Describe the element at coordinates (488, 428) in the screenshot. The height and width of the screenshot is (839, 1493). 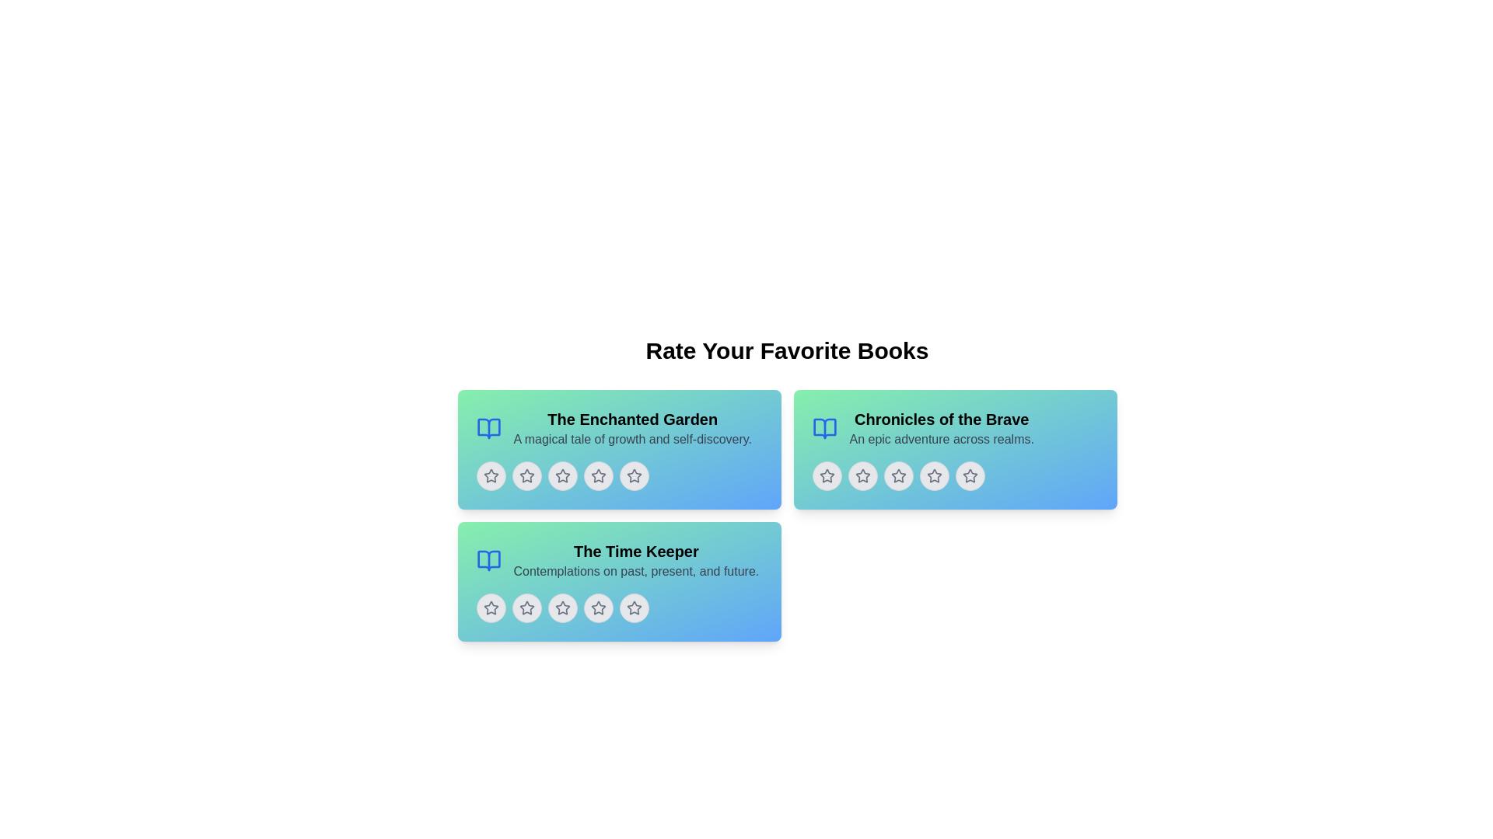
I see `the blue outlined book icon representing 'The Enchanted Garden', which is located on the left side of the text content of the first book card in a grid layout` at that location.